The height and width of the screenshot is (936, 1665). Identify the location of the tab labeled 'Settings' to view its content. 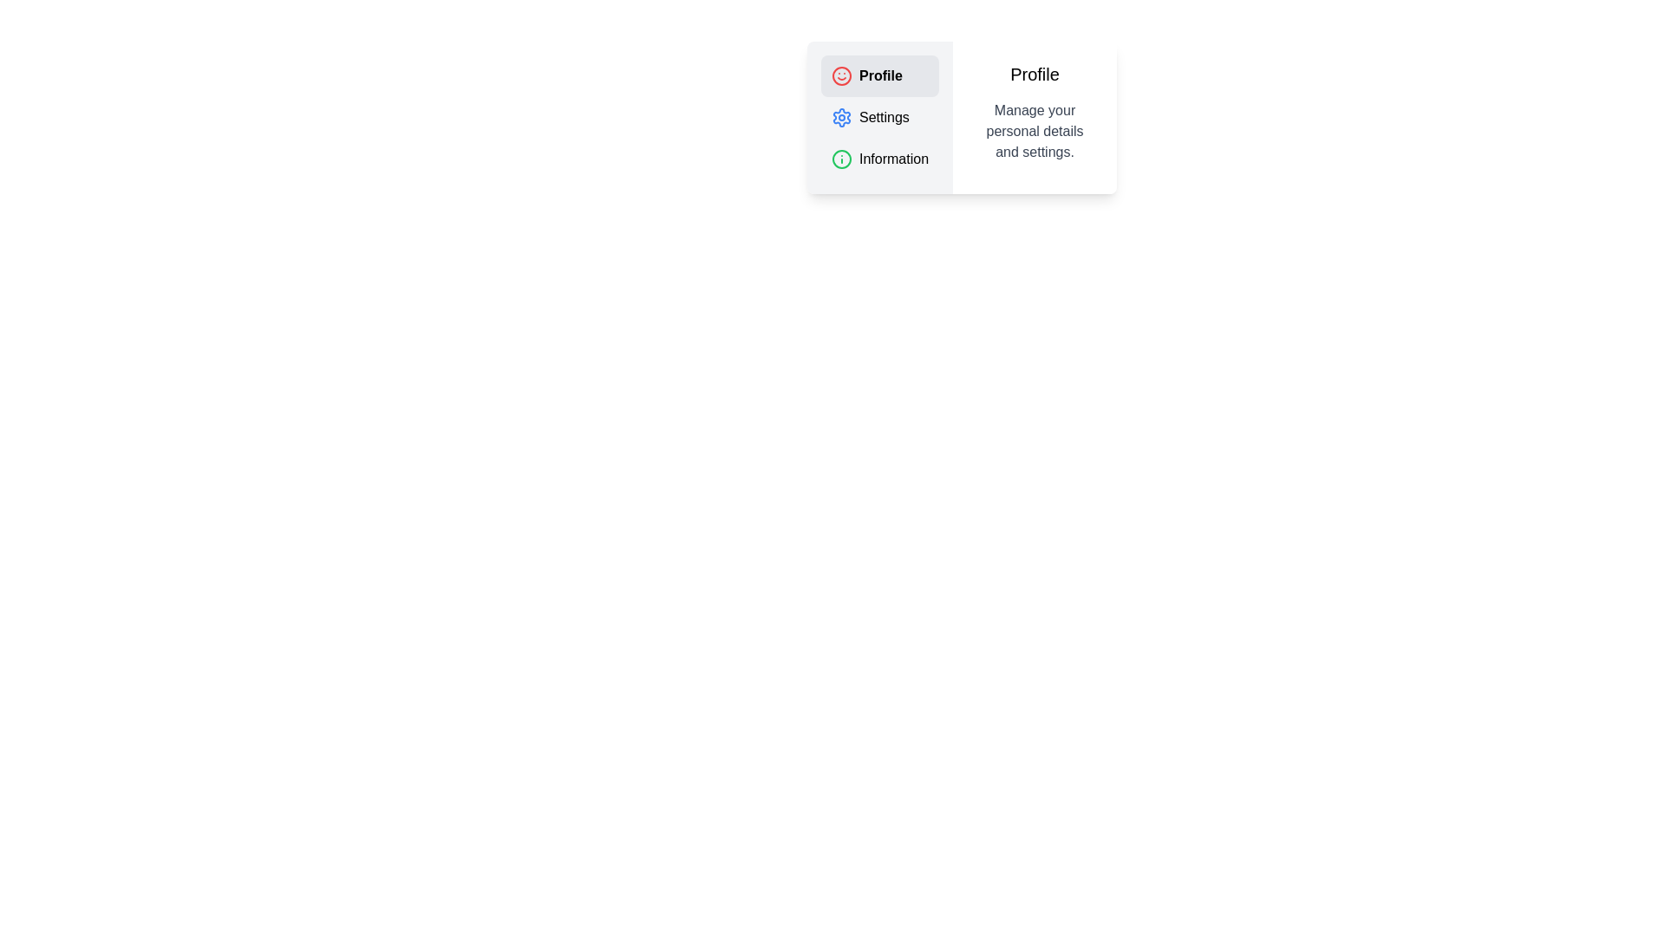
(879, 117).